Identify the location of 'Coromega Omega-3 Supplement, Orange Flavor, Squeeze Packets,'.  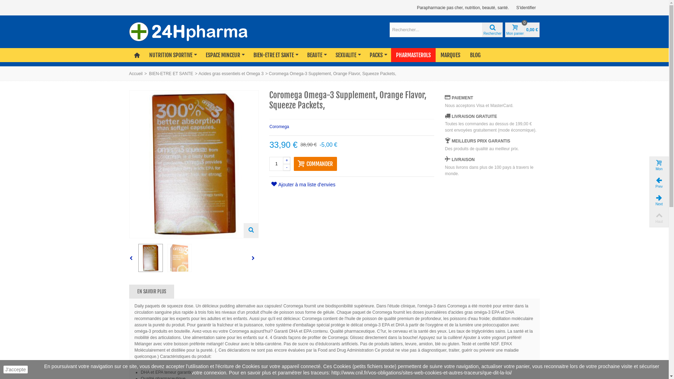
(150, 258).